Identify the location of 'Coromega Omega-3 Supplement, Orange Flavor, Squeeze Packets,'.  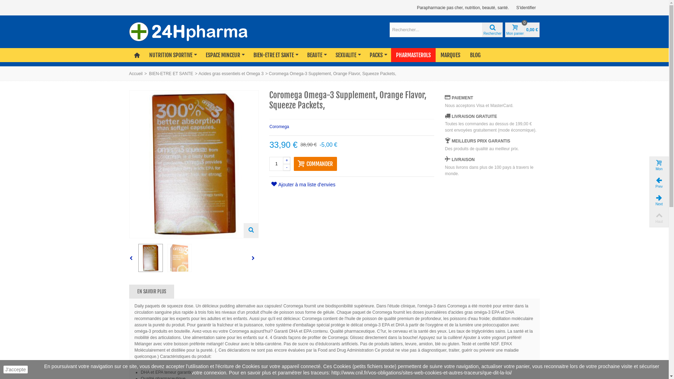
(150, 258).